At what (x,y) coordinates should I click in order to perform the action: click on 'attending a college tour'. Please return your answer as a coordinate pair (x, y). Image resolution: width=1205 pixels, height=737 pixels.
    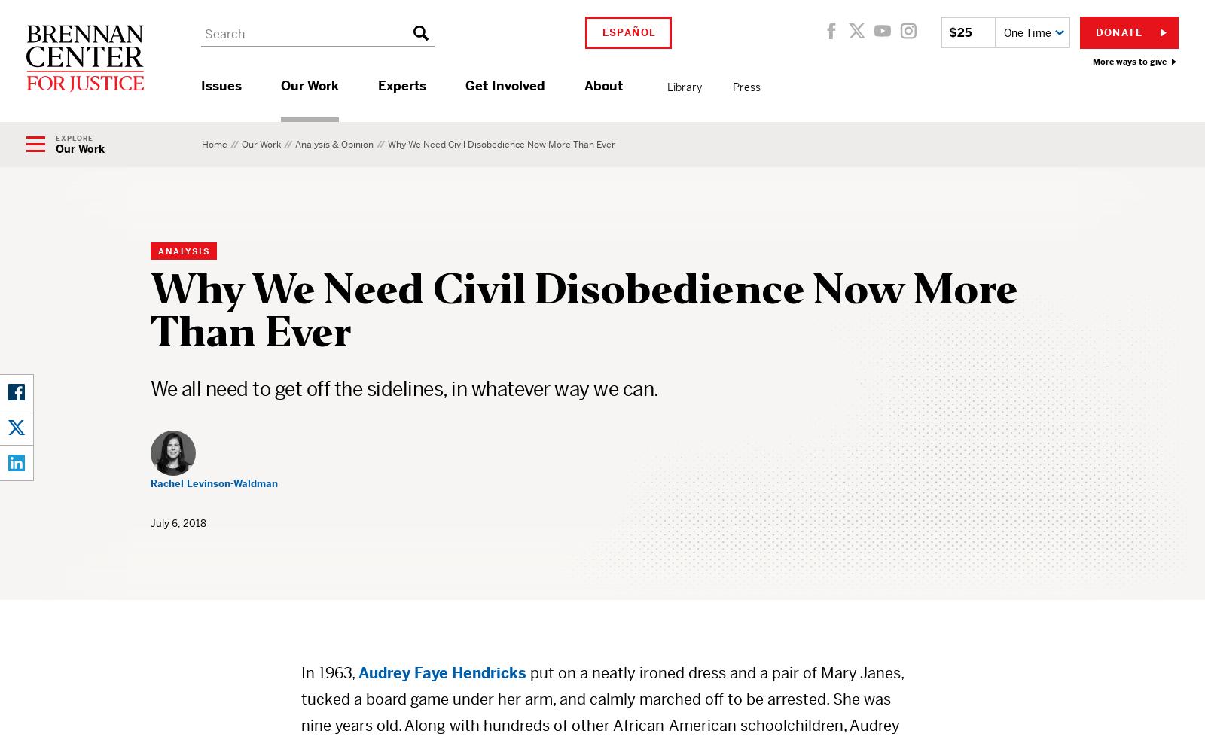
    Looking at the image, I should click on (611, 97).